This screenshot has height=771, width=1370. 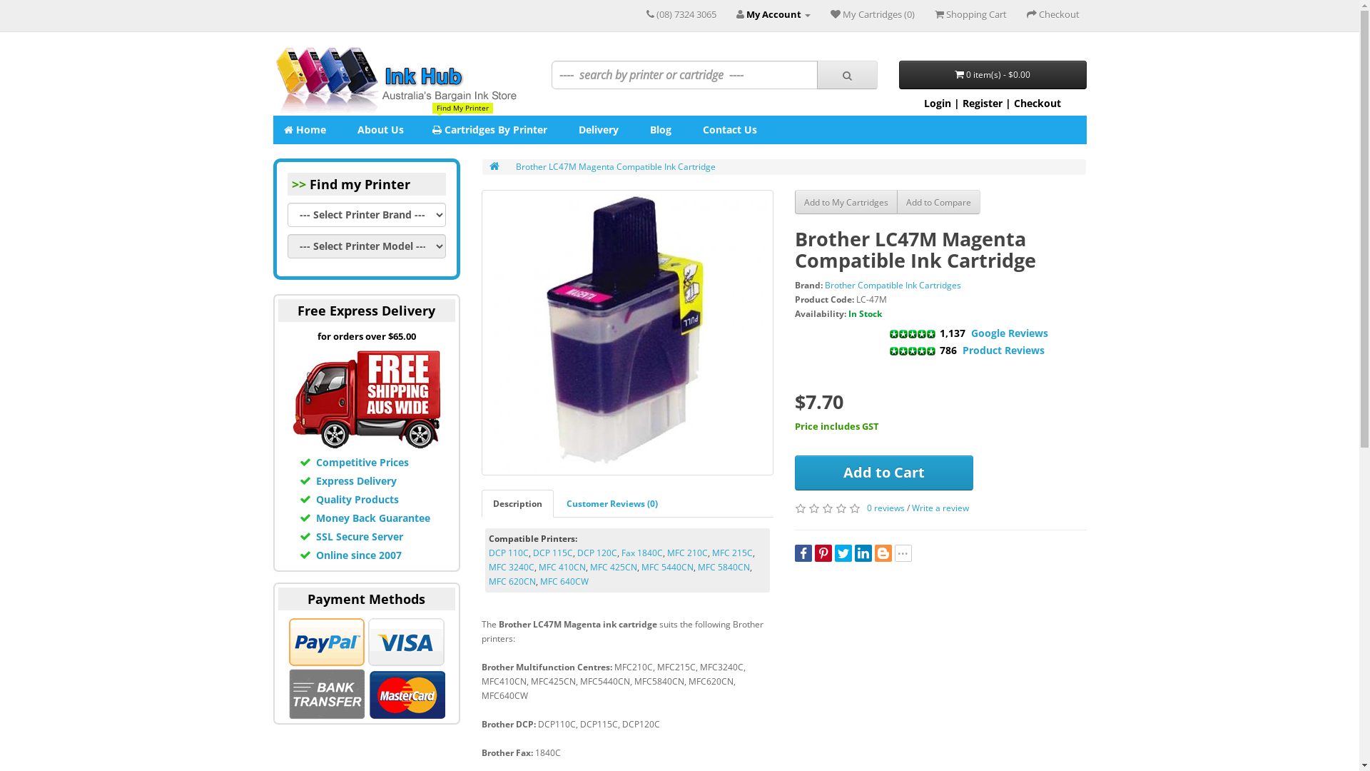 I want to click on 'MFC 215C', so click(x=732, y=552).